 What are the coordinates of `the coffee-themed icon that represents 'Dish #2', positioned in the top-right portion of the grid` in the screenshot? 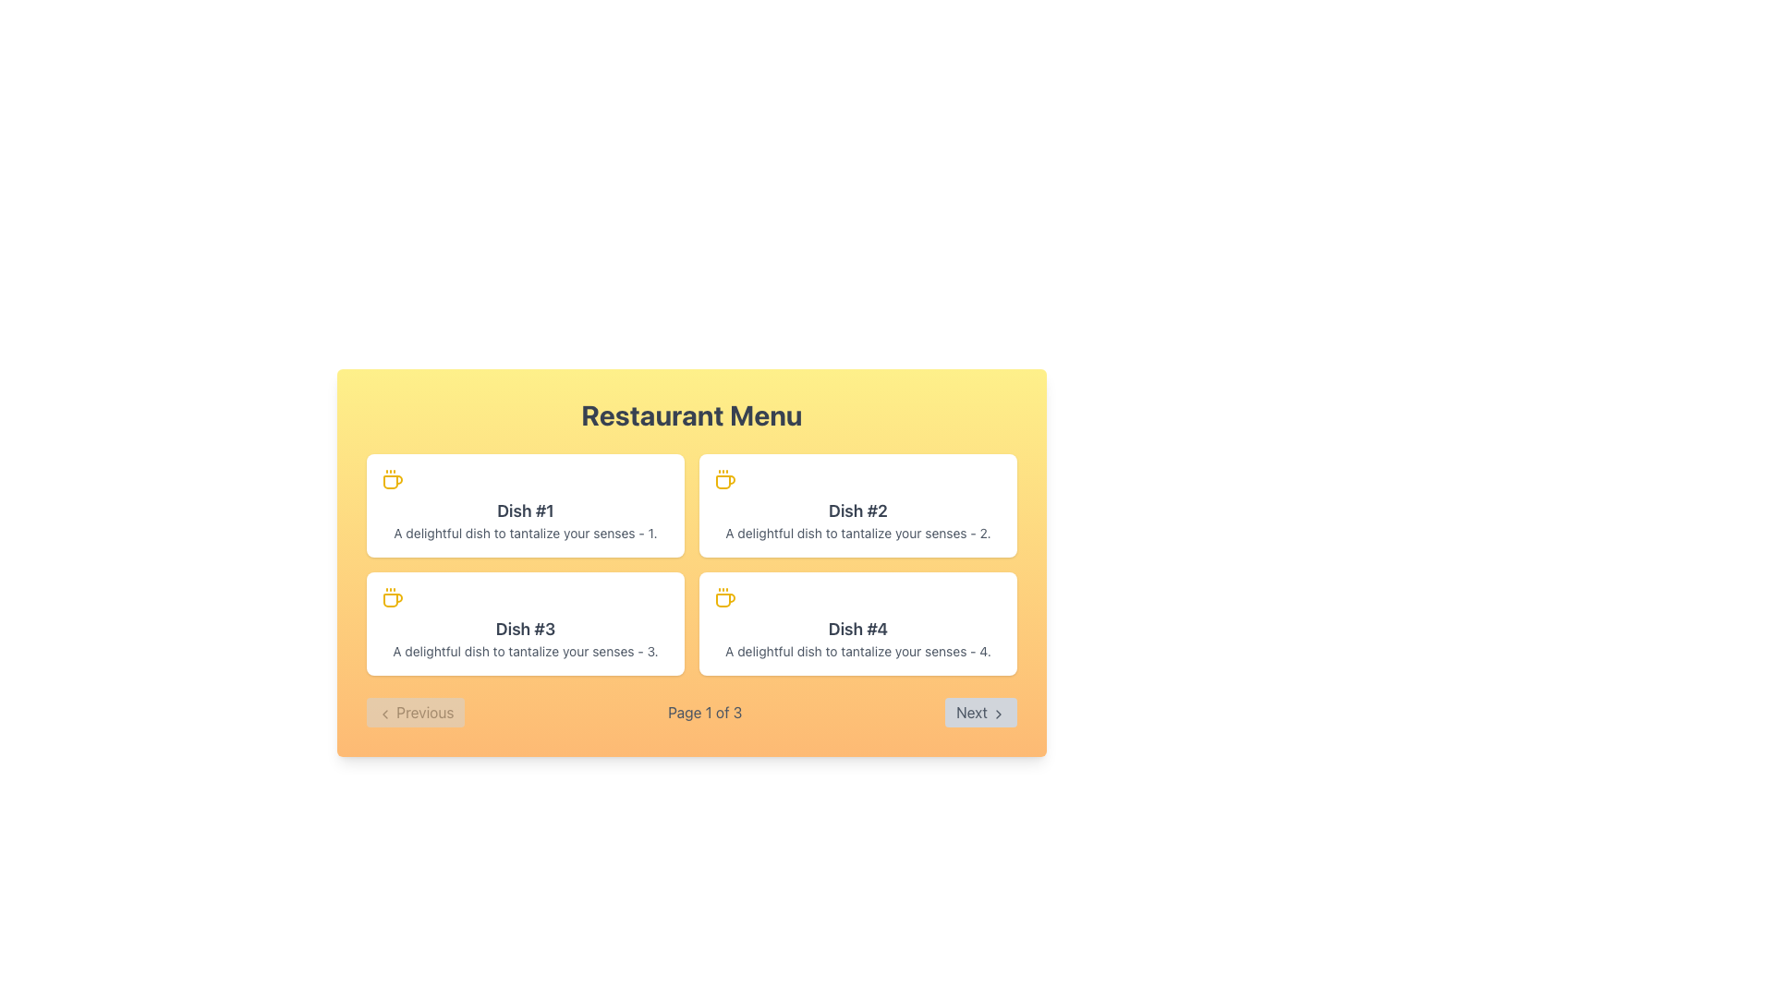 It's located at (724, 479).